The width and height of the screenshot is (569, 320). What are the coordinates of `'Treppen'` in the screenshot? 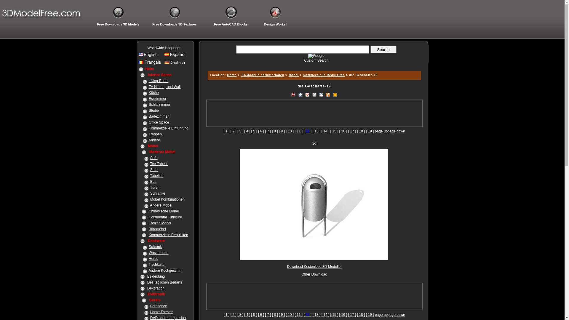 It's located at (149, 134).